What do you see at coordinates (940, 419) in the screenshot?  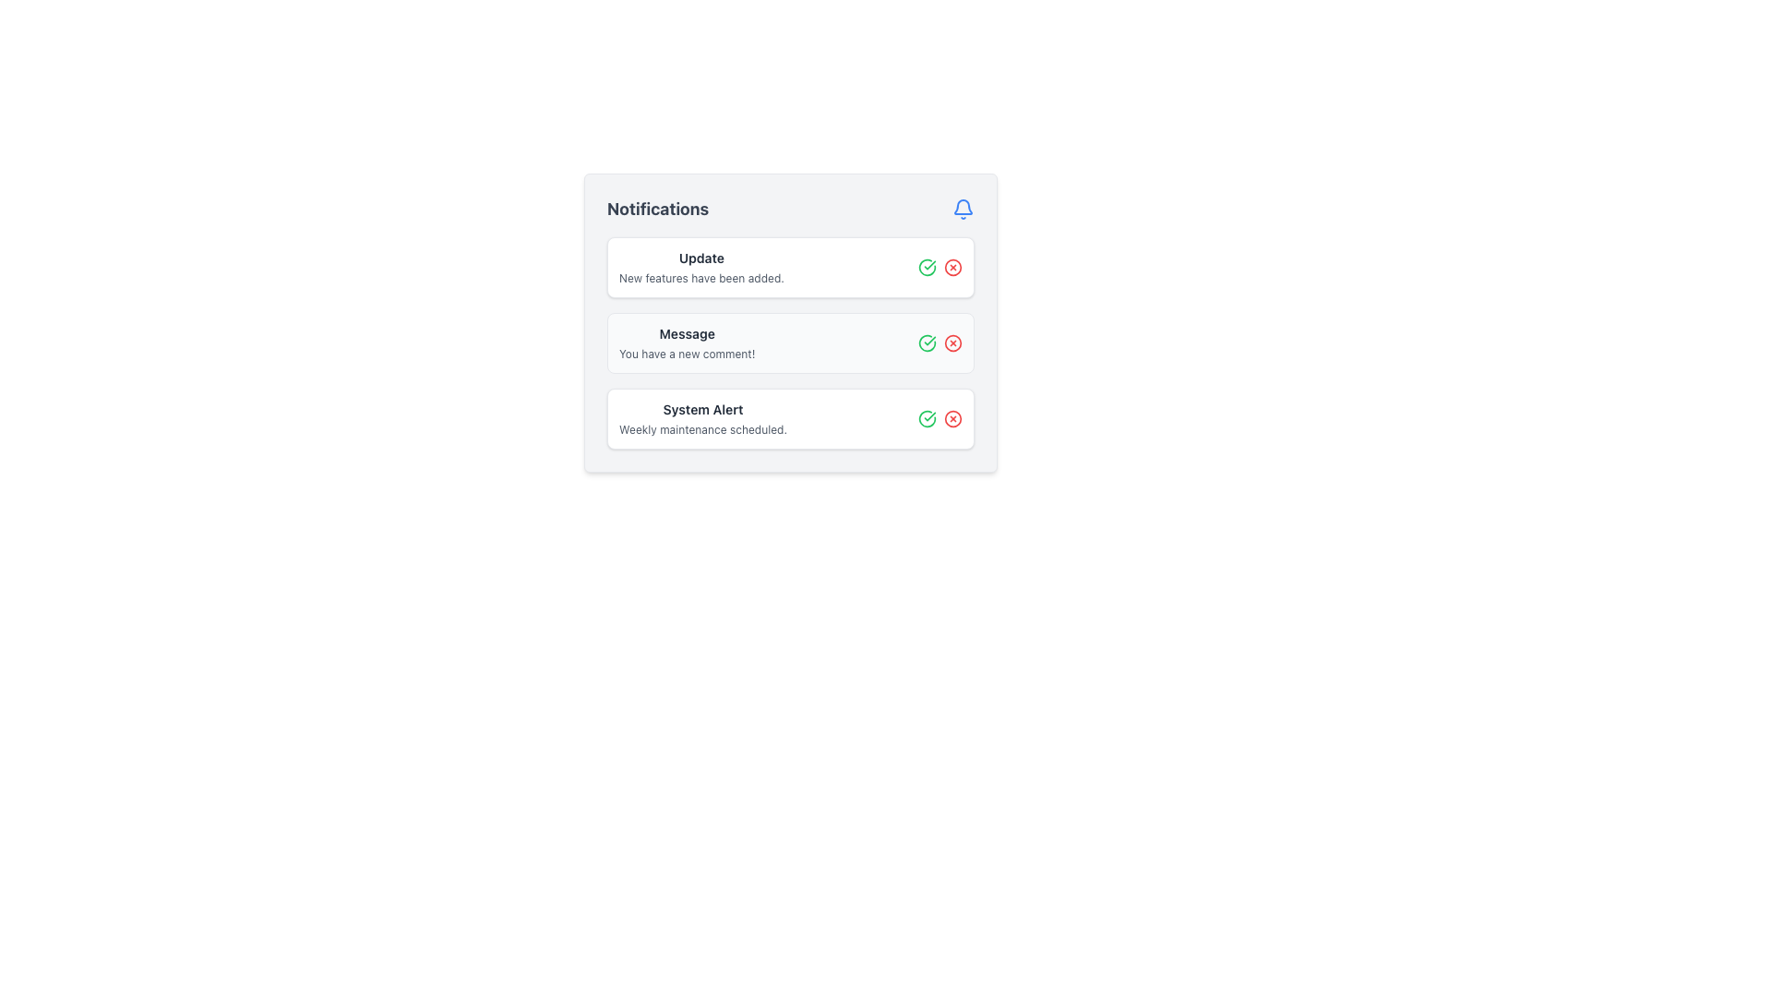 I see `the button group containing the green checkmark and red cross icons in the bottom-right corner of the 'System Alert' notification card` at bounding box center [940, 419].